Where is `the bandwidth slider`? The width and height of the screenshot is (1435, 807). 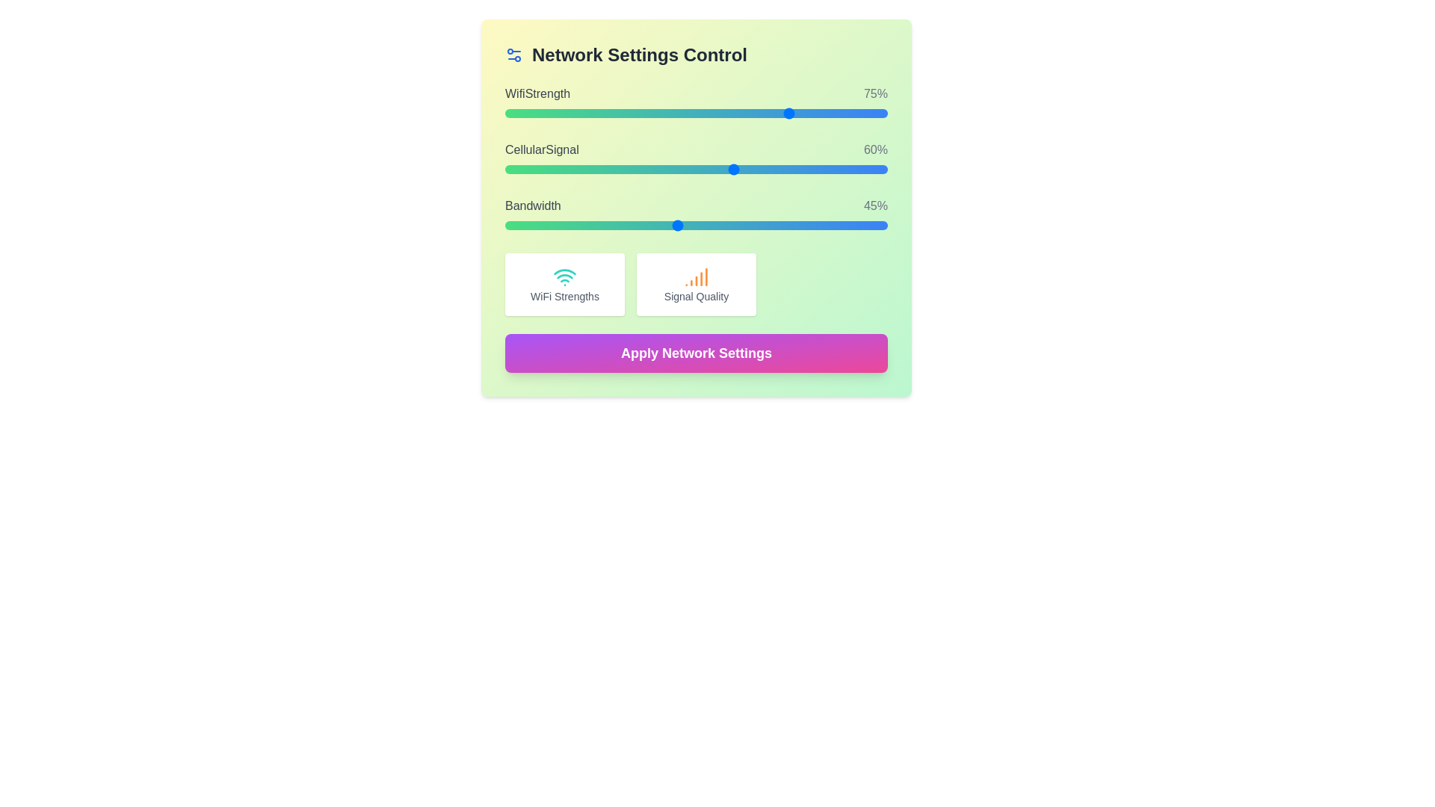
the bandwidth slider is located at coordinates (753, 225).